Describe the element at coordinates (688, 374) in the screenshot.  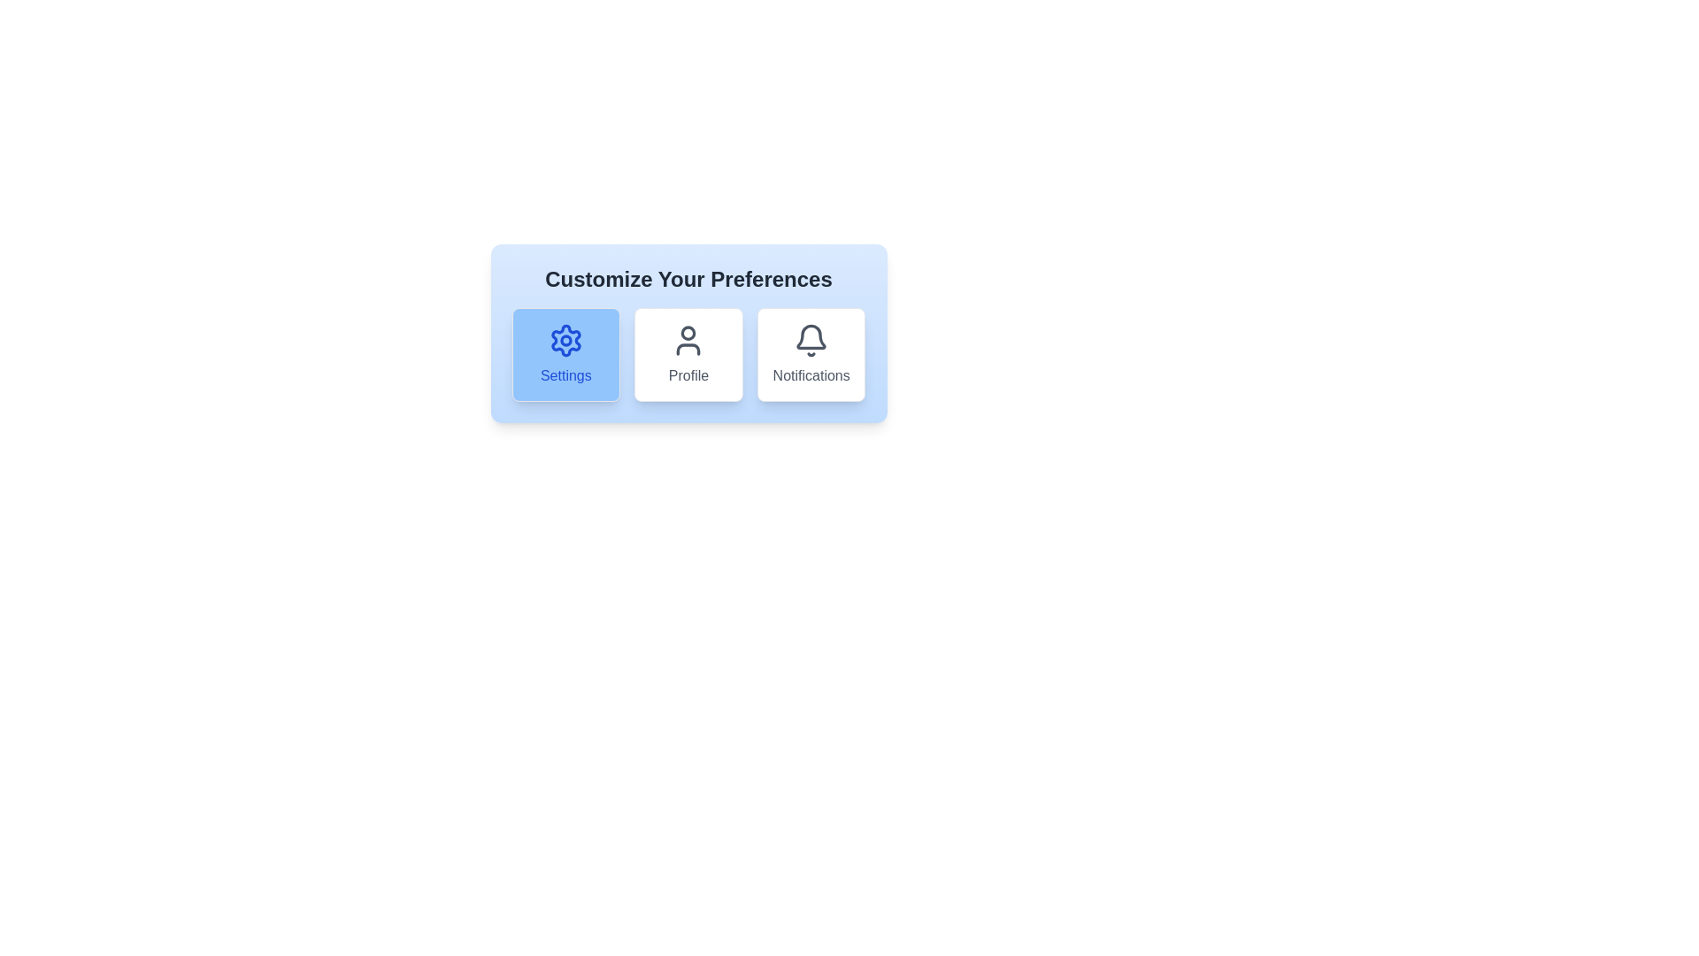
I see `the Text Label that provides context for the user profile button, located directly below the user profile icon` at that location.